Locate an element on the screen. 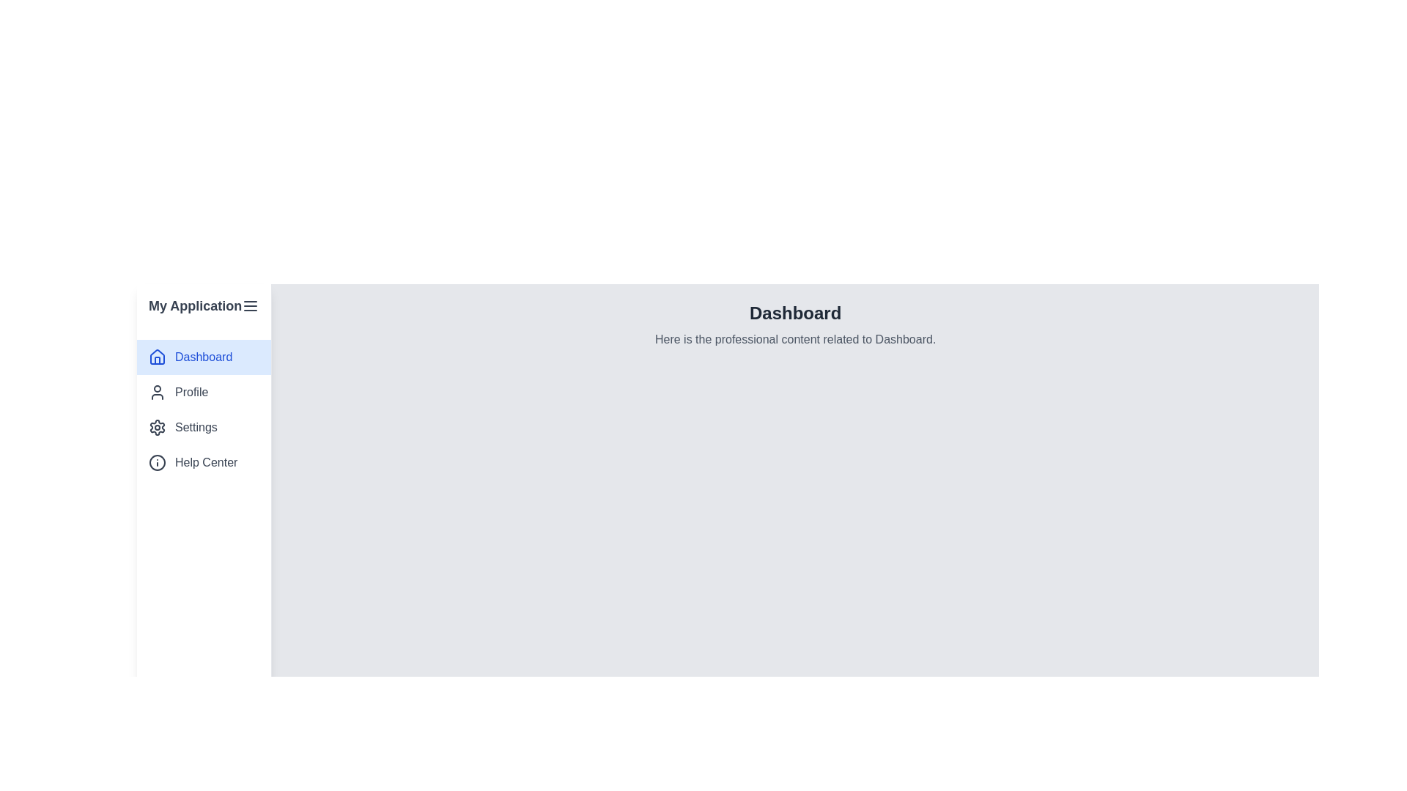  the 'Dashboard' menu item icon located in the sidebar menu by clicking on it is located at coordinates (158, 356).